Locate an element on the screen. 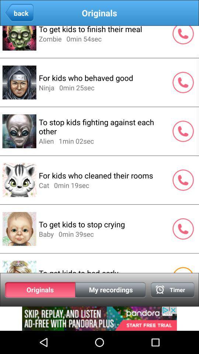  clock page is located at coordinates (172, 289).